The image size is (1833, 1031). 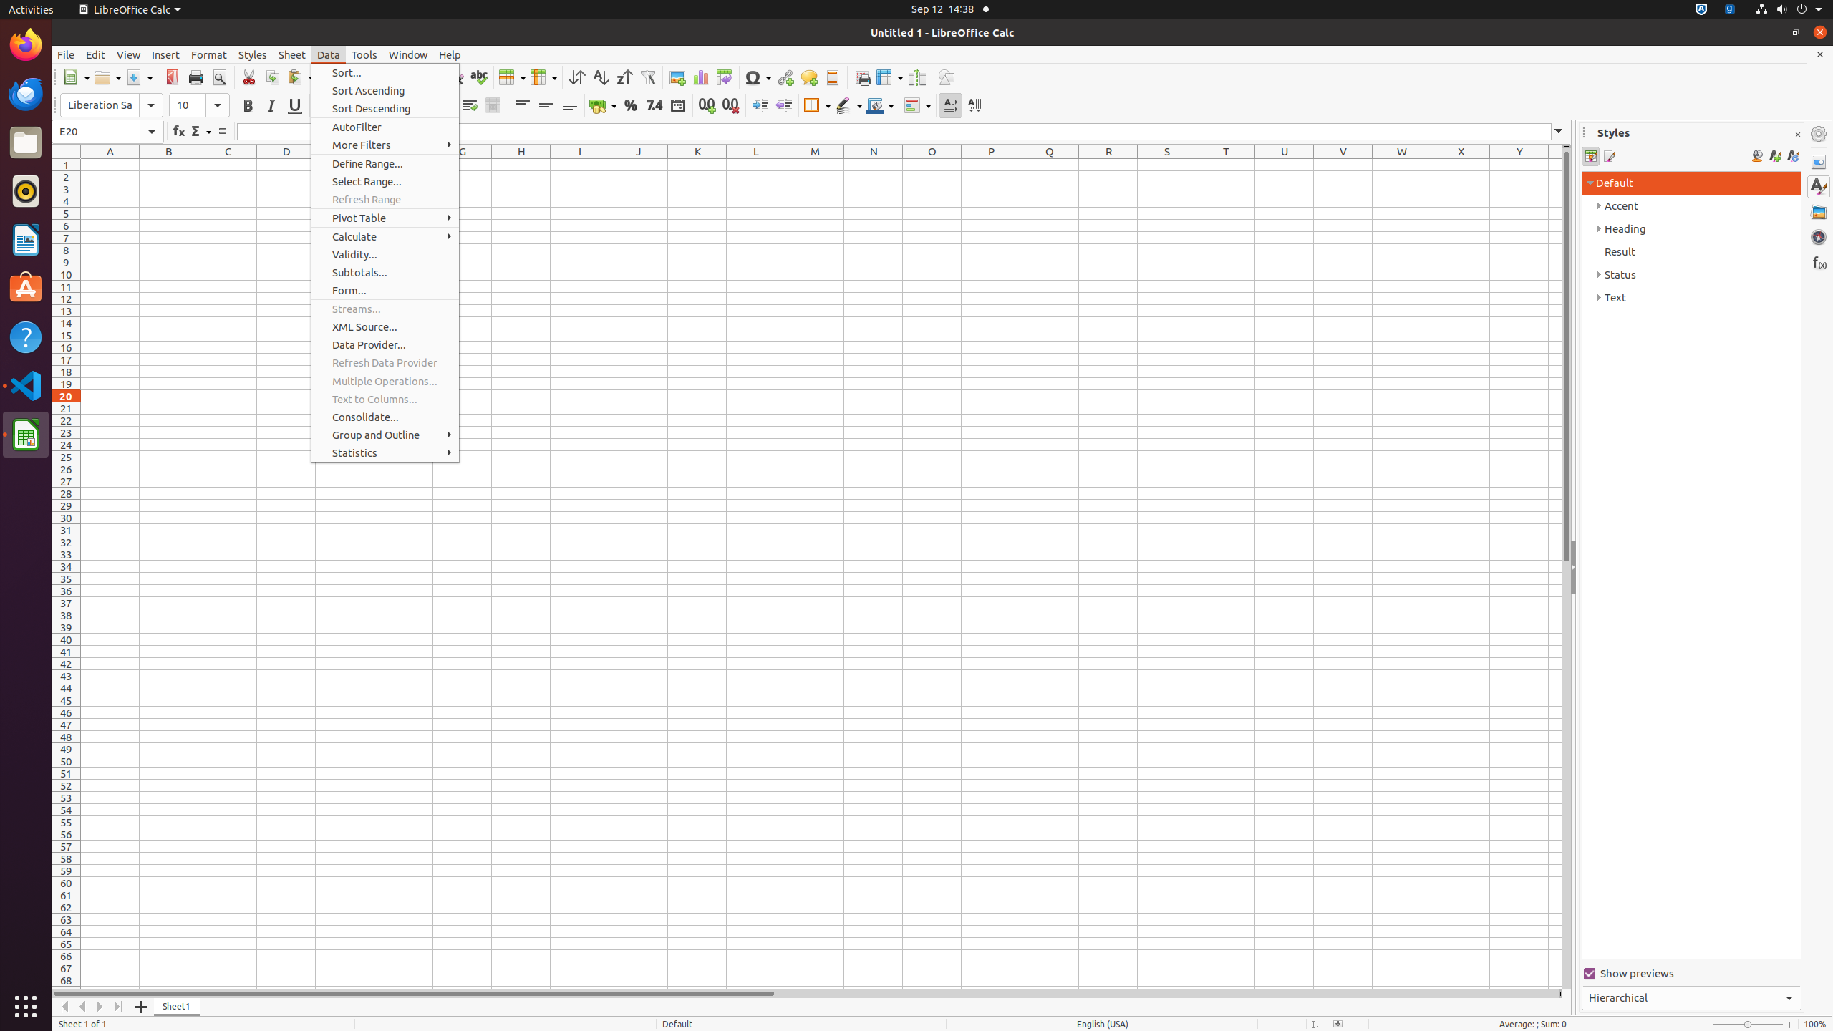 What do you see at coordinates (26, 190) in the screenshot?
I see `'Rhythmbox'` at bounding box center [26, 190].